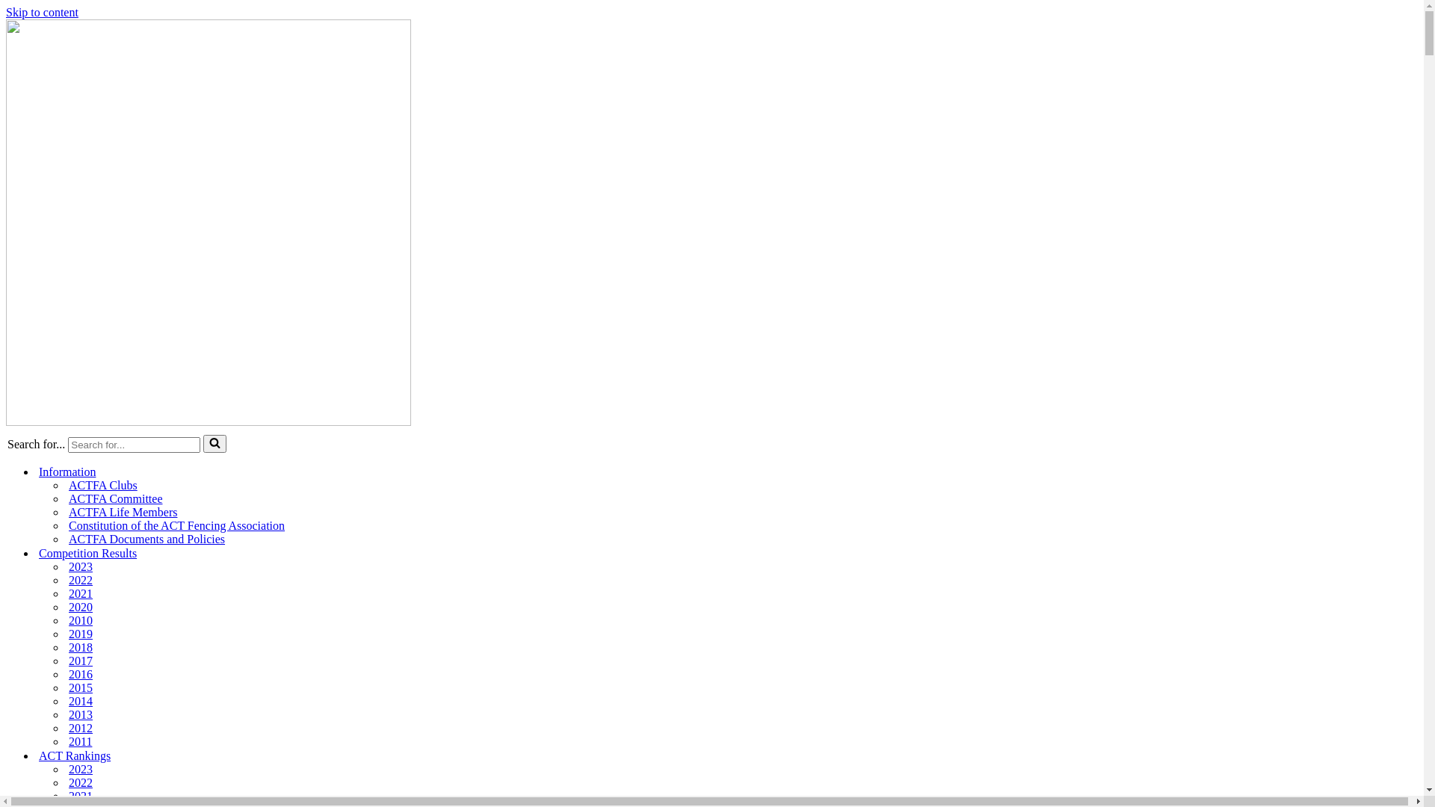 The height and width of the screenshot is (807, 1435). I want to click on '2010', so click(80, 620).